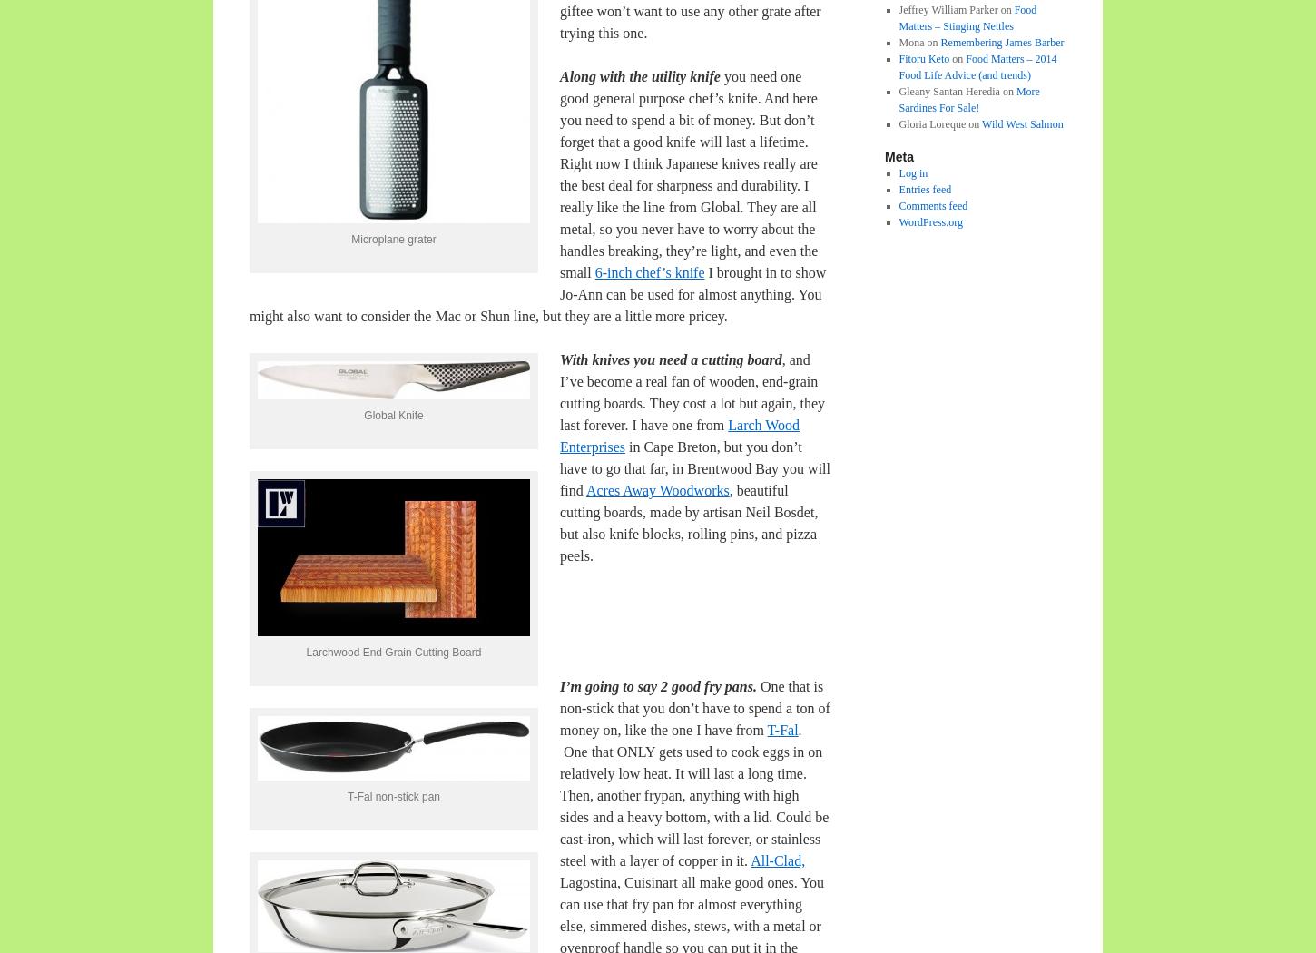 The width and height of the screenshot is (1316, 953). I want to click on 'Gleany Santan Heredia', so click(948, 90).